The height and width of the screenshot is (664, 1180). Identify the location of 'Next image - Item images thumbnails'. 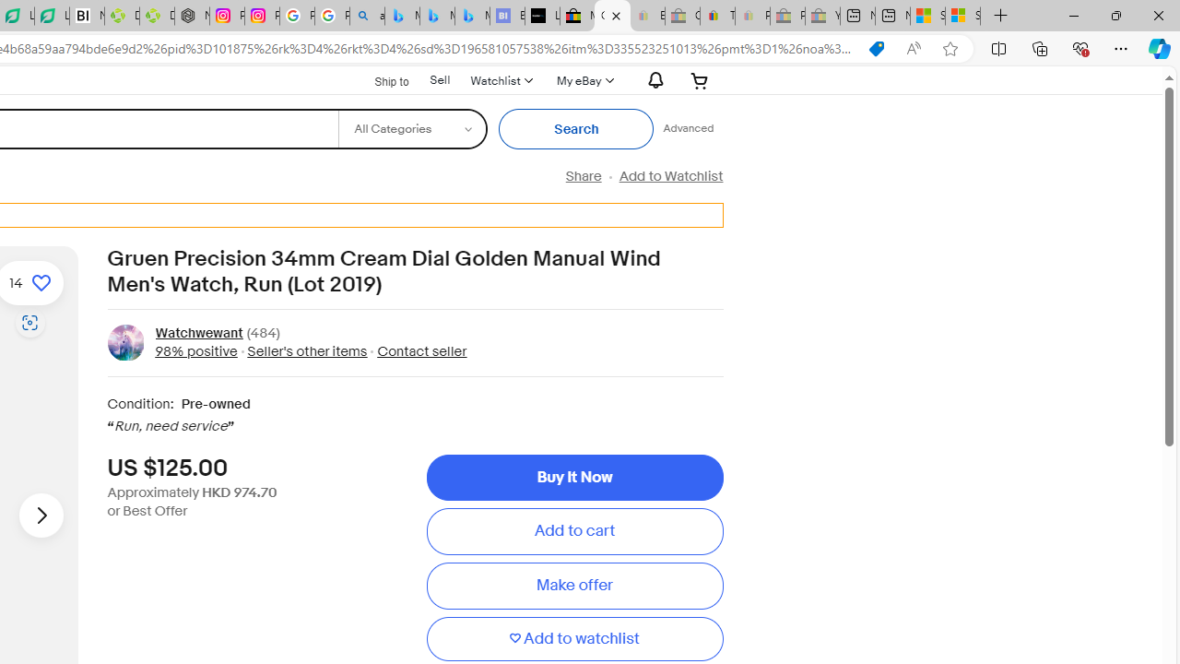
(41, 516).